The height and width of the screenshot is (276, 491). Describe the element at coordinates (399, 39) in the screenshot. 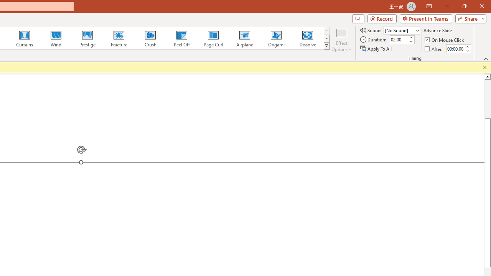

I see `'Duration'` at that location.